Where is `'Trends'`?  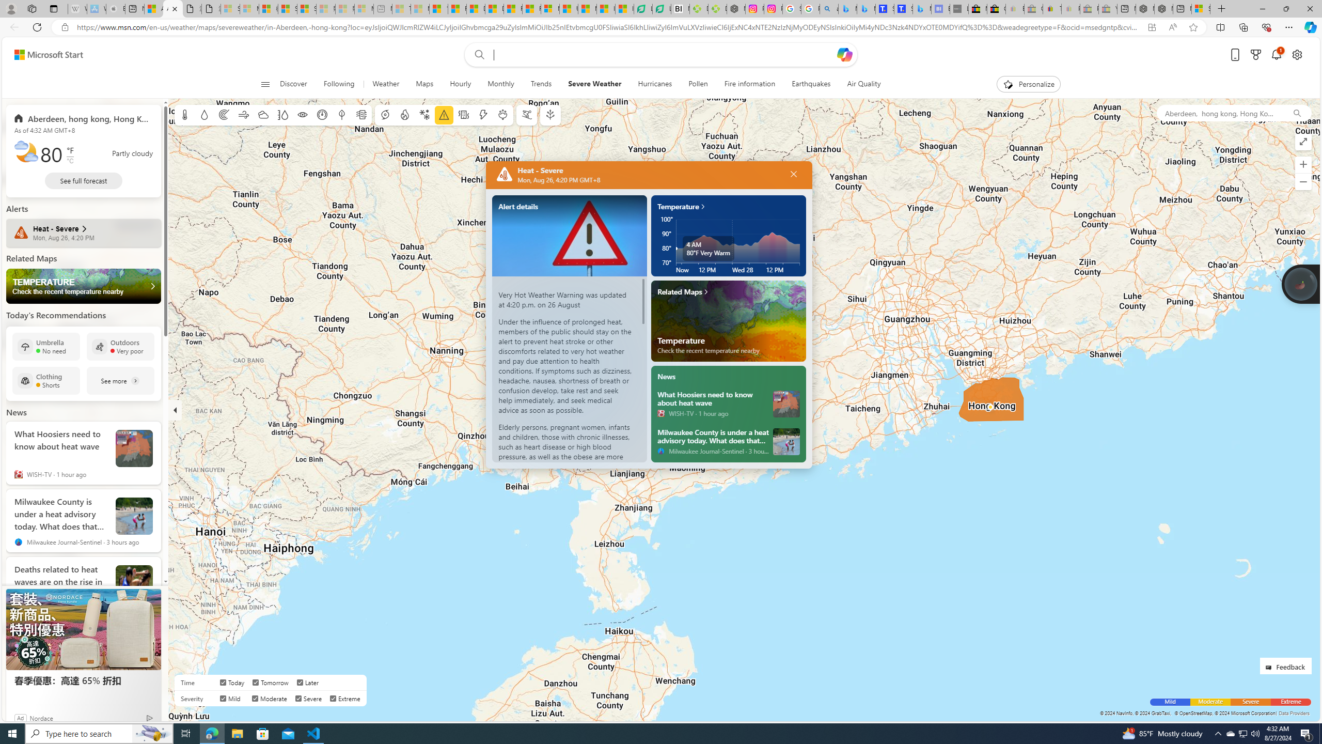
'Trends' is located at coordinates (541, 84).